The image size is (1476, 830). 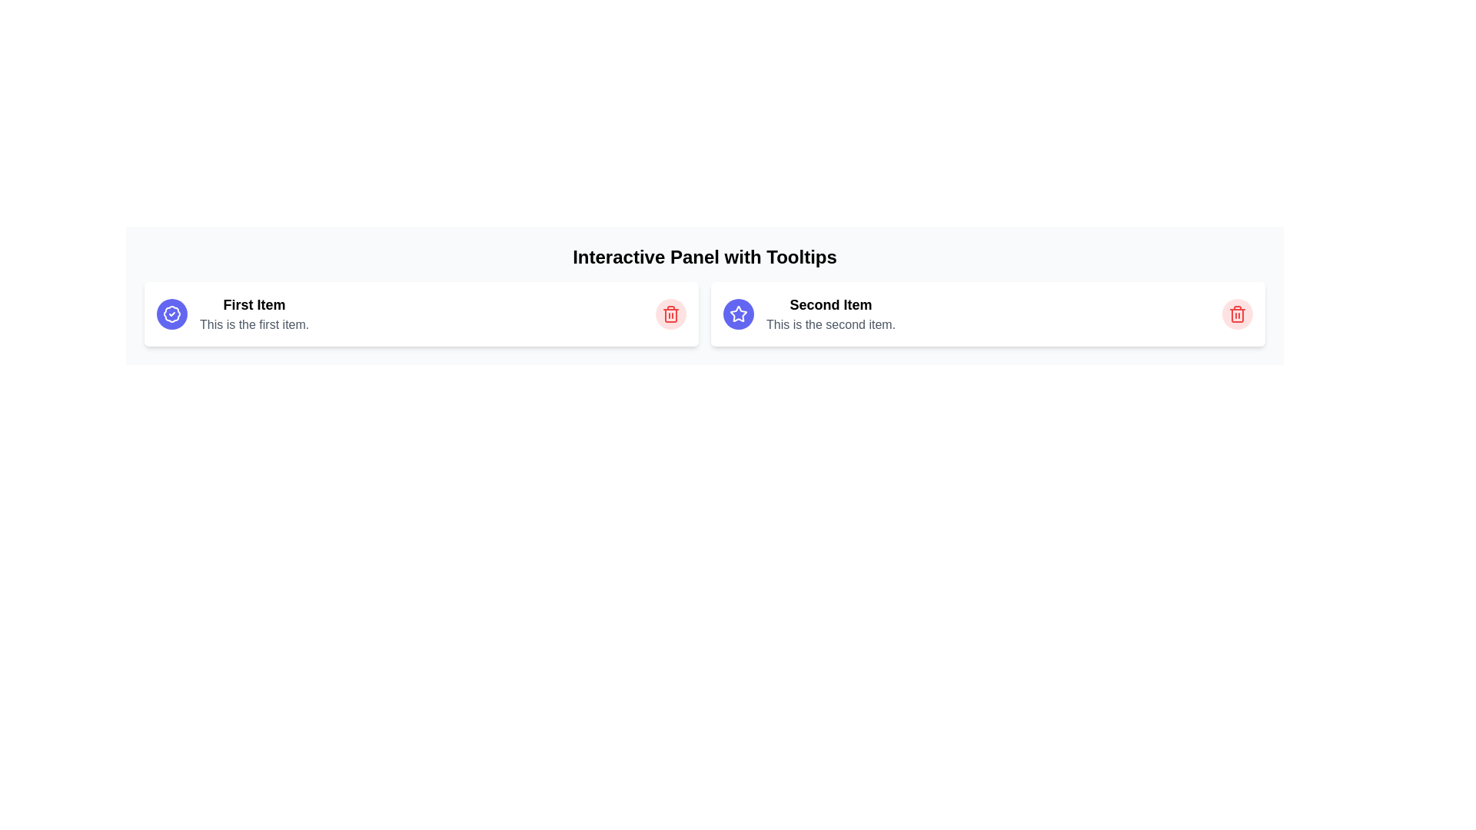 I want to click on the descriptive text label below the 'Second Item' header in the second card from the left, so click(x=829, y=324).